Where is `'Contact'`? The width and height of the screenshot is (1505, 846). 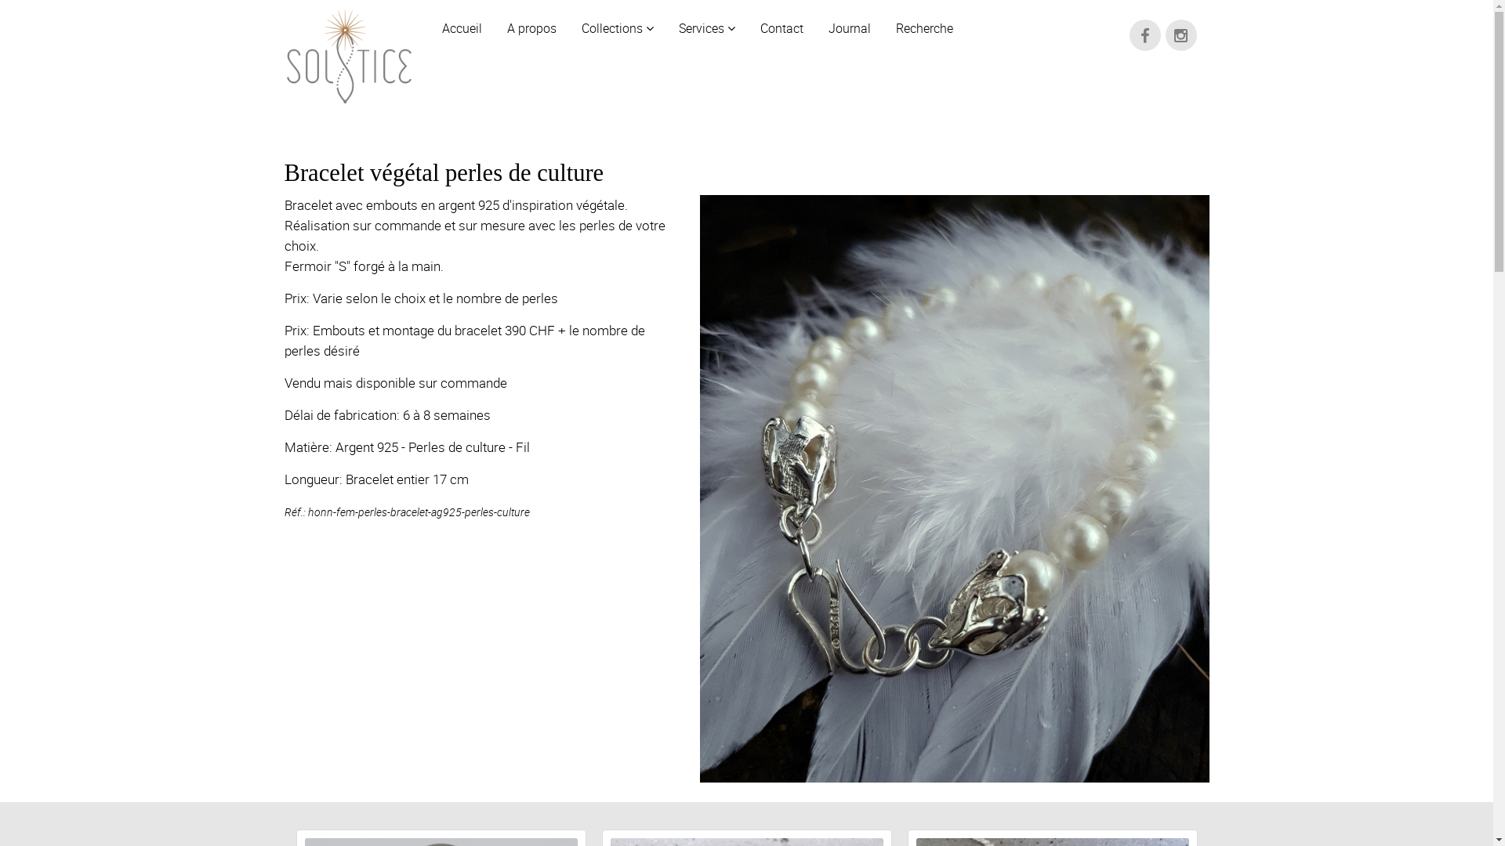
'Contact' is located at coordinates (782, 22).